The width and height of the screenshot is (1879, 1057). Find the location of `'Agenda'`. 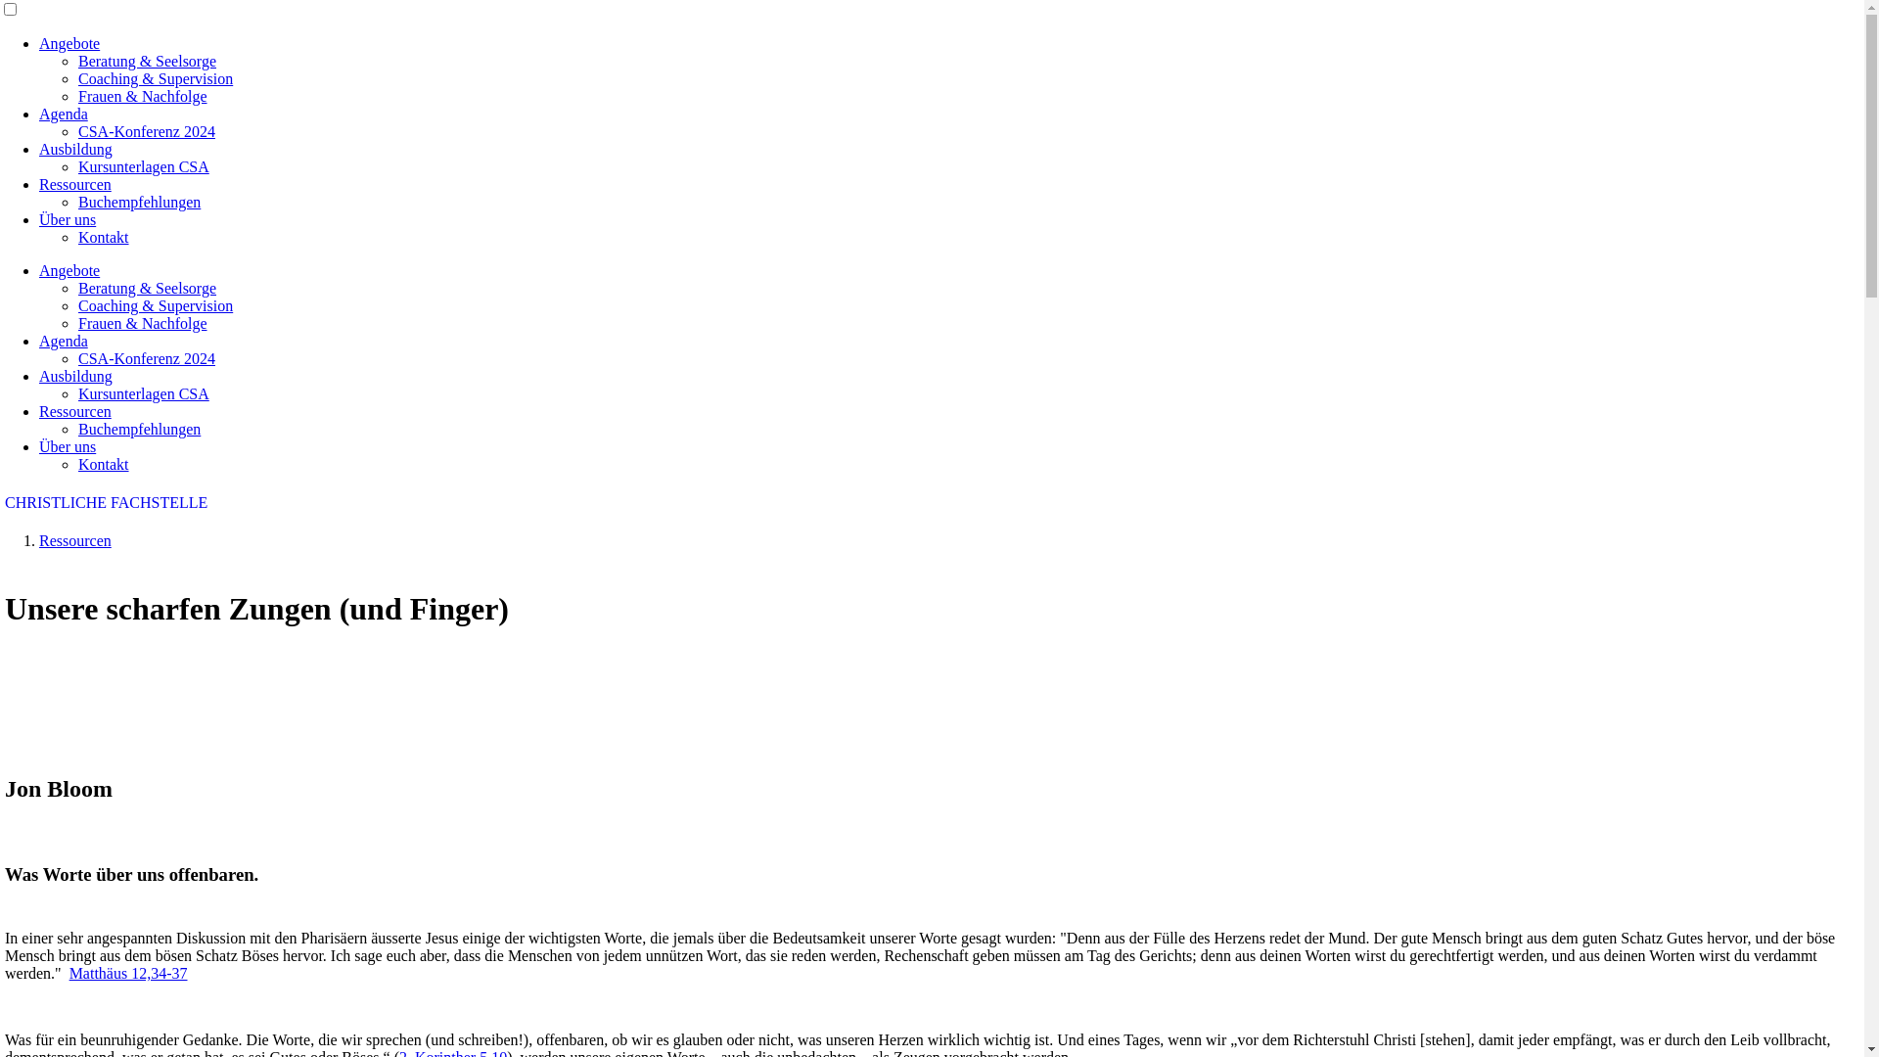

'Agenda' is located at coordinates (38, 114).